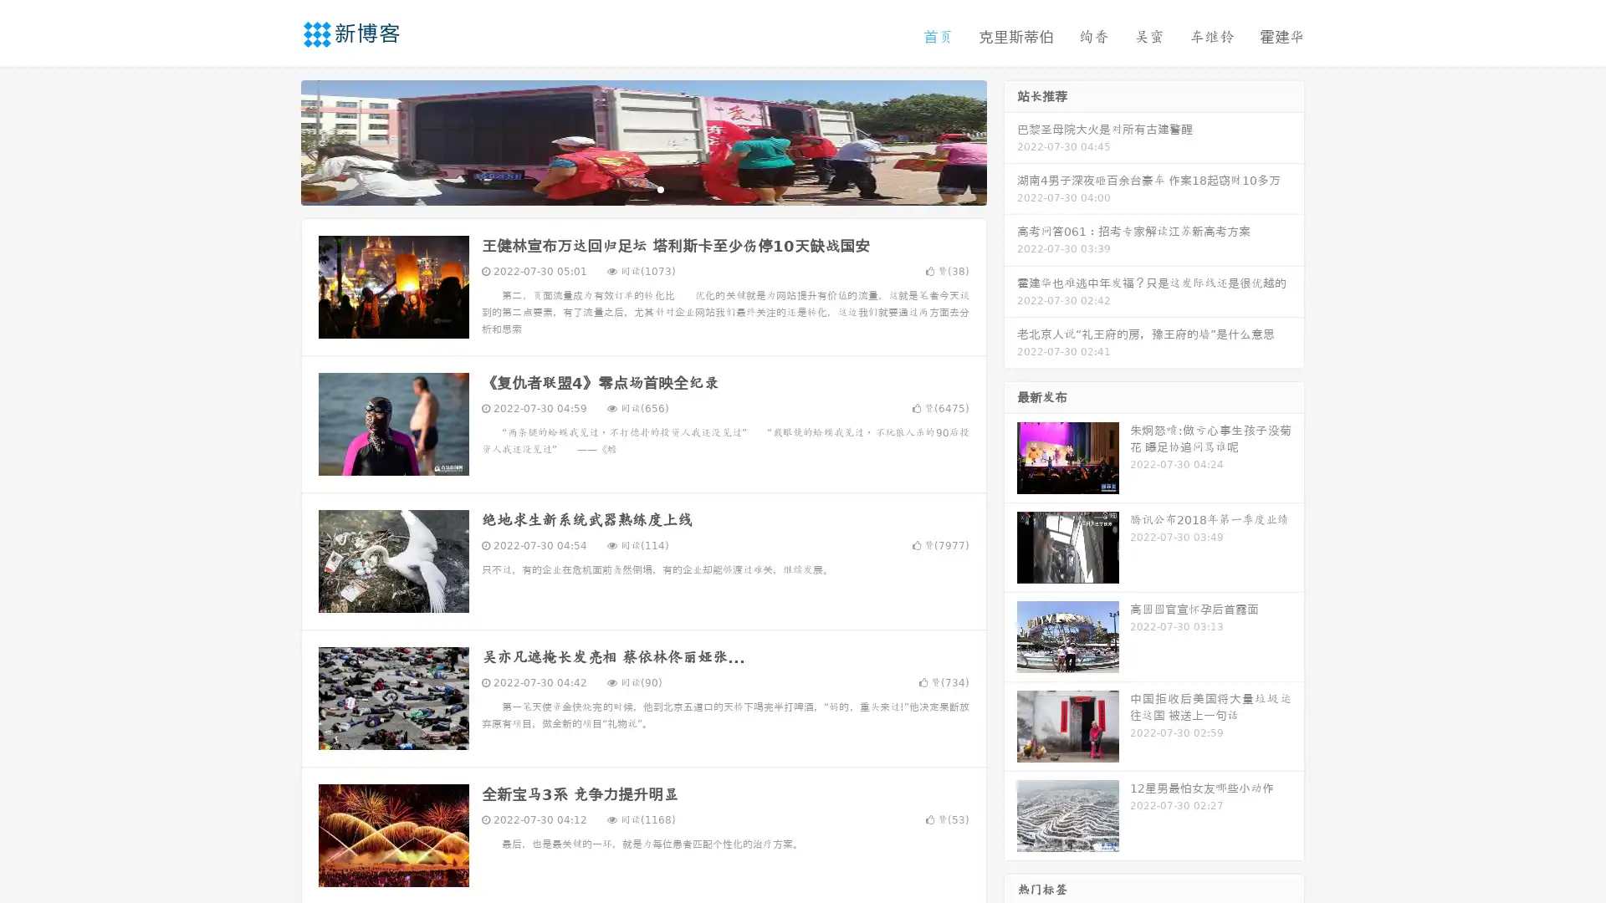  Describe the element at coordinates (276, 140) in the screenshot. I see `Previous slide` at that location.